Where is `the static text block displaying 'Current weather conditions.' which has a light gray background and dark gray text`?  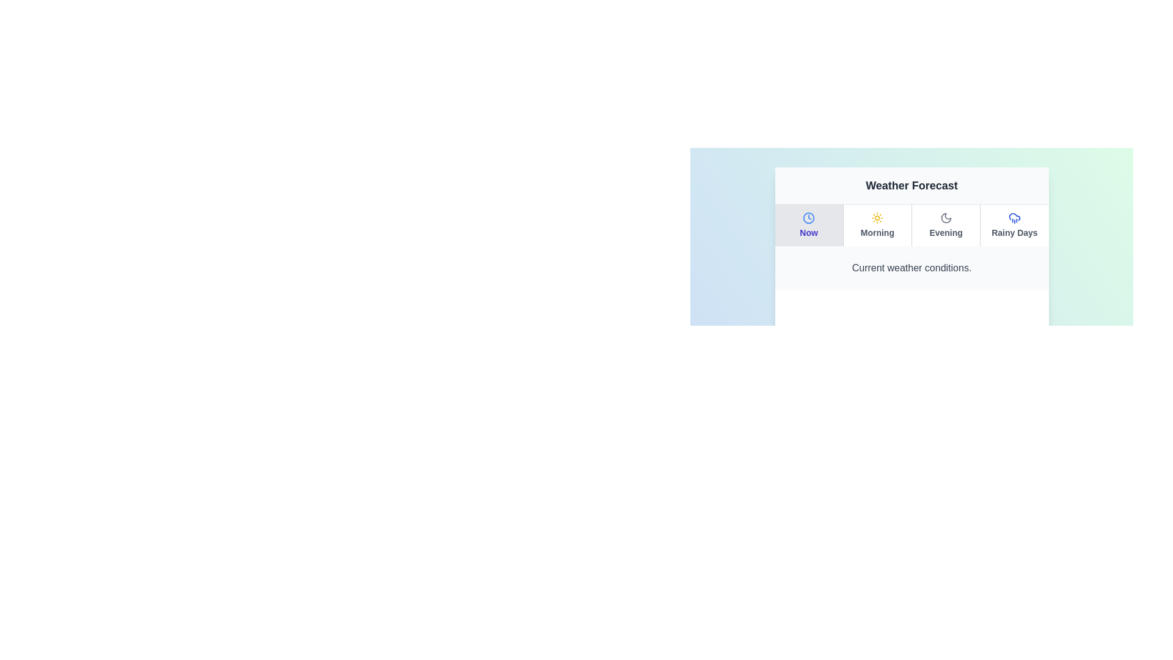 the static text block displaying 'Current weather conditions.' which has a light gray background and dark gray text is located at coordinates (912, 268).